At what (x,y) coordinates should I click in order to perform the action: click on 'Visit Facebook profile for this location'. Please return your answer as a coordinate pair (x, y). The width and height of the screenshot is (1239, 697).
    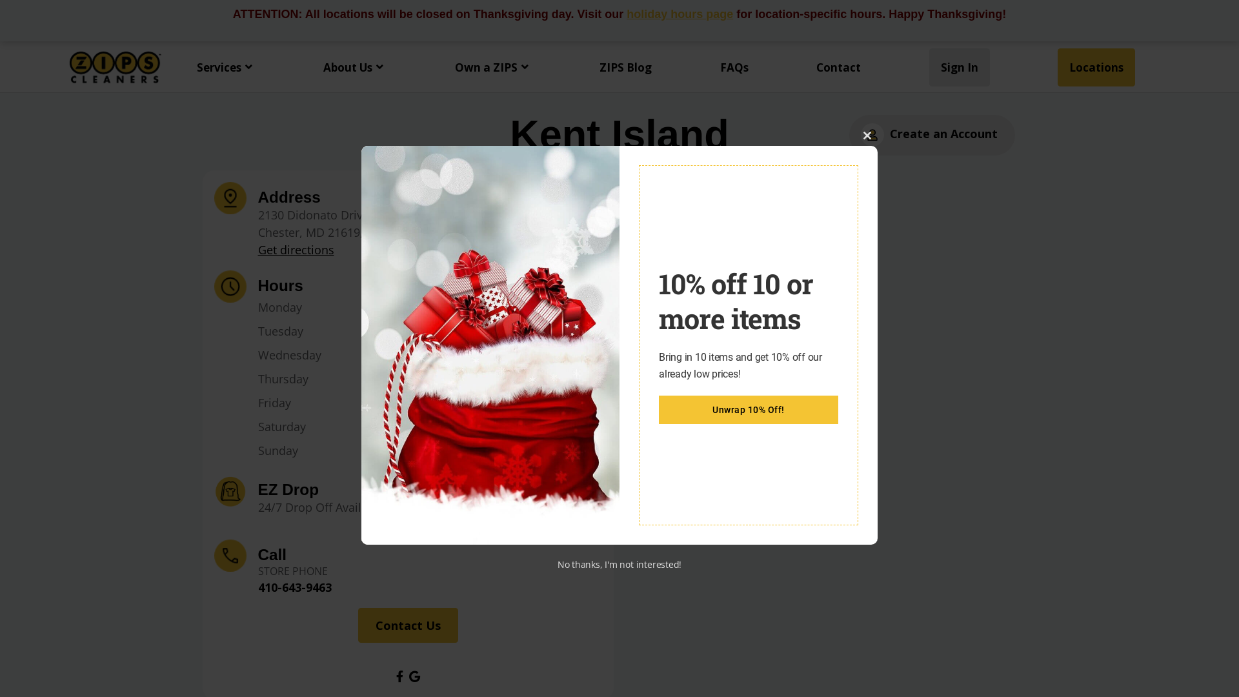
    Looking at the image, I should click on (399, 676).